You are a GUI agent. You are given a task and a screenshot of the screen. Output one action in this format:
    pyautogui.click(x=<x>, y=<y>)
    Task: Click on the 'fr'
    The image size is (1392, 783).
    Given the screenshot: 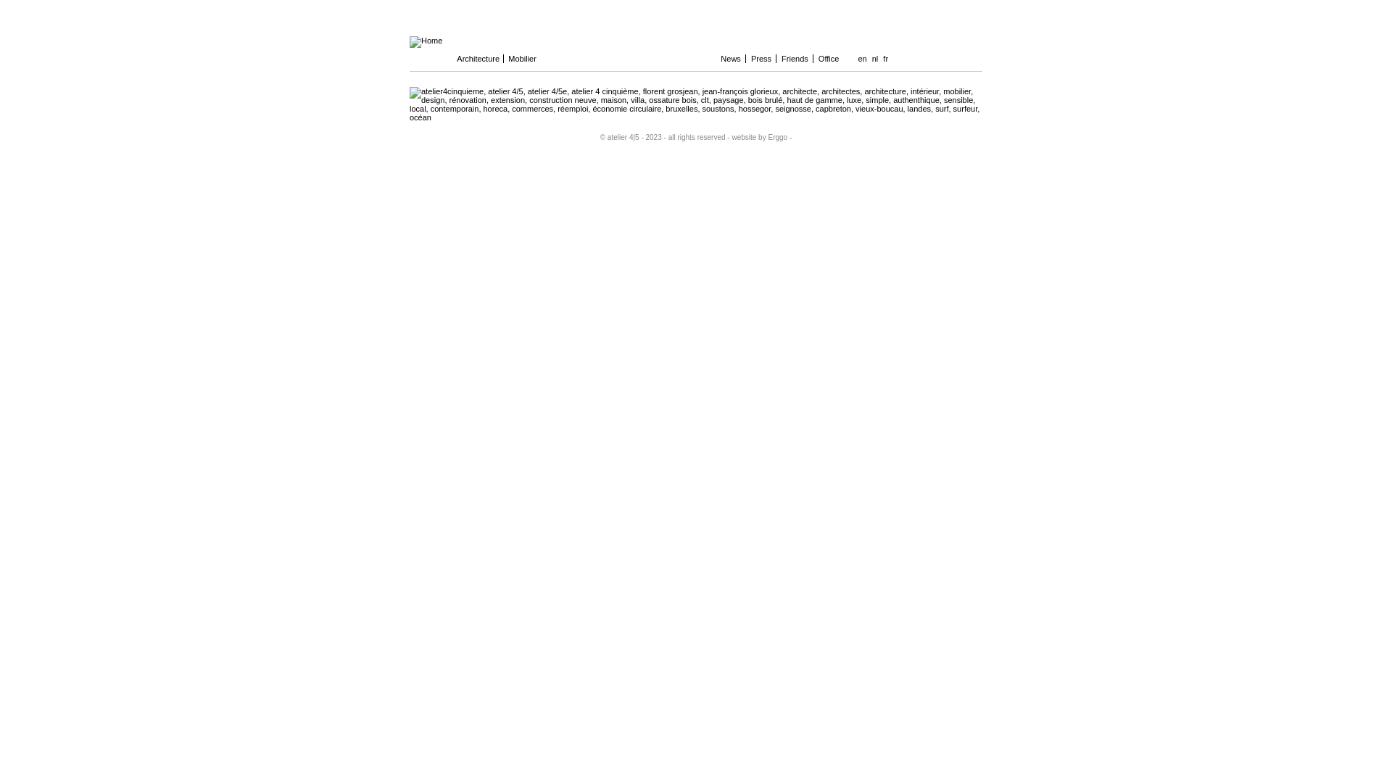 What is the action you would take?
    pyautogui.click(x=884, y=58)
    